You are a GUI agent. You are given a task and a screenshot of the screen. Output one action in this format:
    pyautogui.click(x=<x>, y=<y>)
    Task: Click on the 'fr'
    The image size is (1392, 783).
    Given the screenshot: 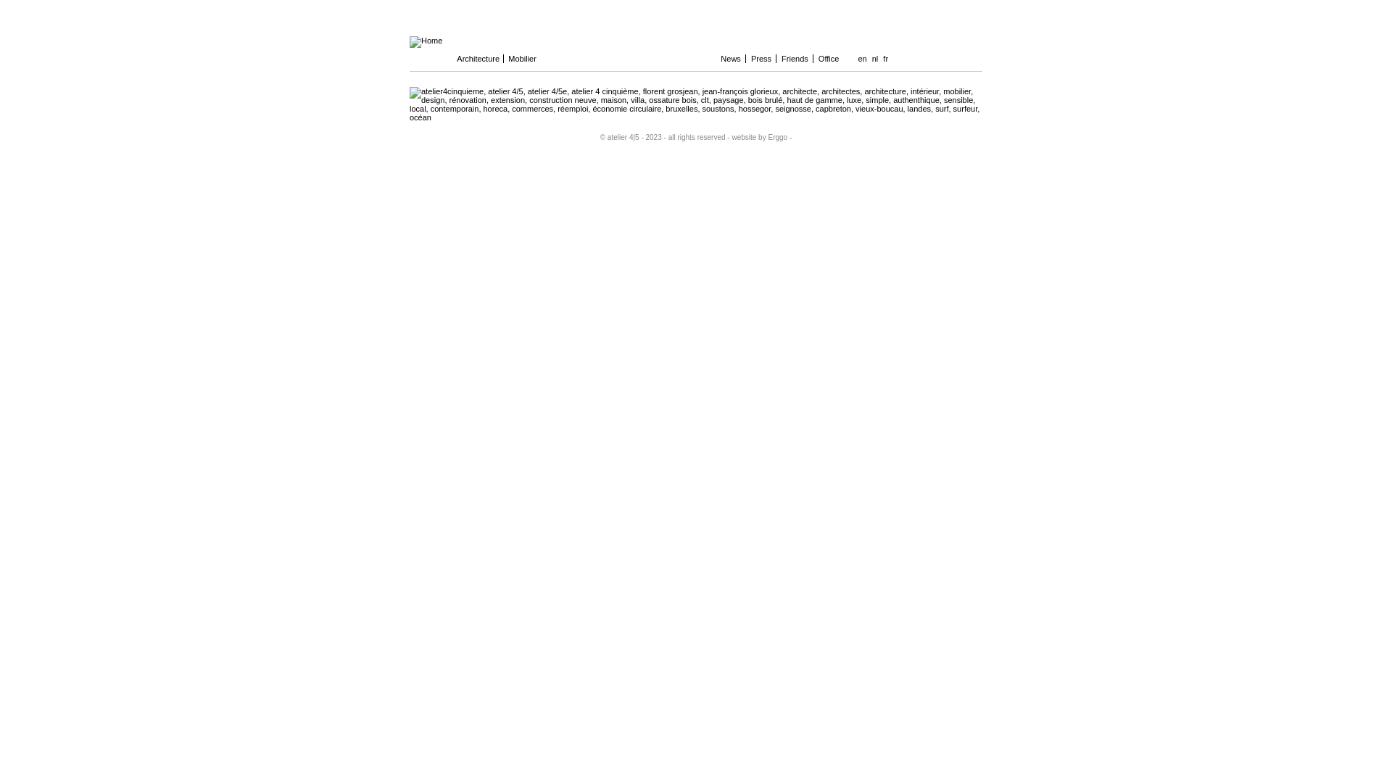 What is the action you would take?
    pyautogui.click(x=884, y=58)
    